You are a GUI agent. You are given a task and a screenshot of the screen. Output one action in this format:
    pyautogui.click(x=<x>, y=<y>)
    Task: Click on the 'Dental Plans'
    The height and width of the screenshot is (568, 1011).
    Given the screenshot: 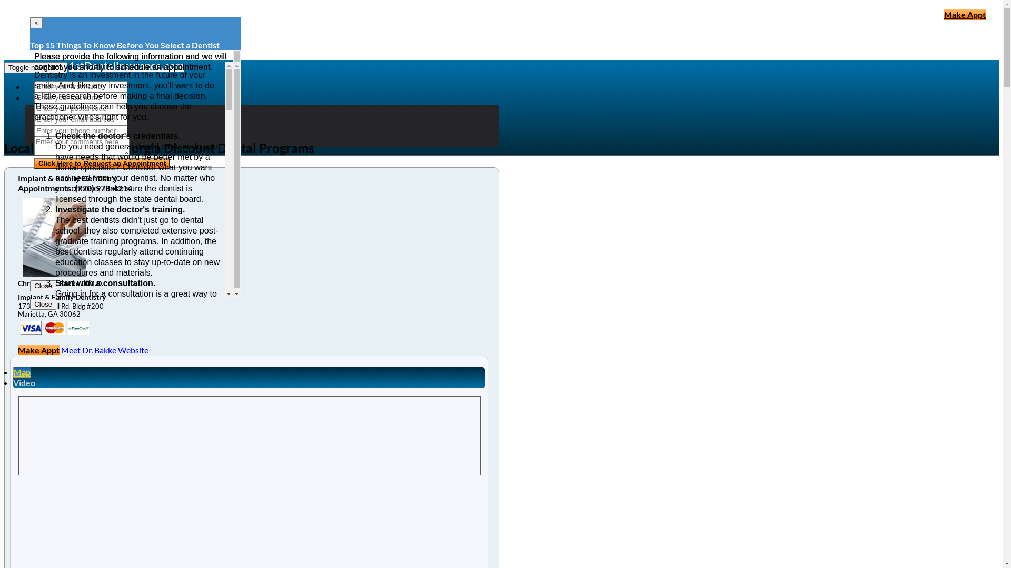 What is the action you would take?
    pyautogui.click(x=68, y=109)
    